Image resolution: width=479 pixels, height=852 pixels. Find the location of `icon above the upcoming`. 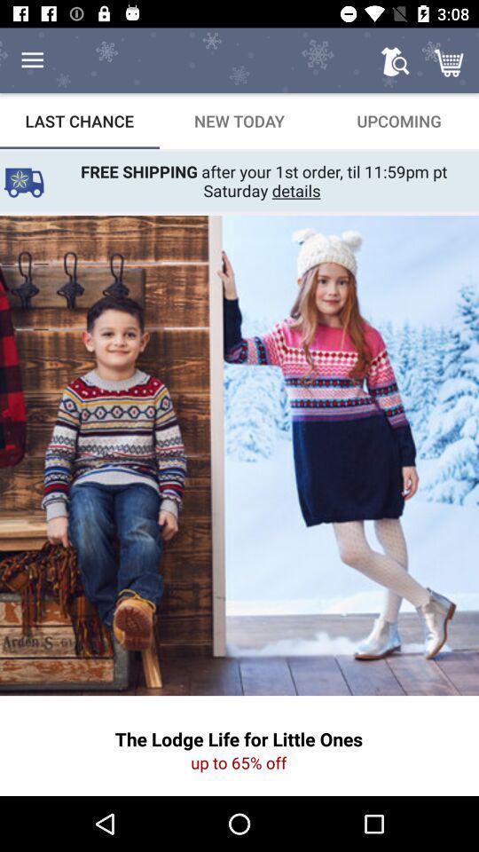

icon above the upcoming is located at coordinates (395, 60).